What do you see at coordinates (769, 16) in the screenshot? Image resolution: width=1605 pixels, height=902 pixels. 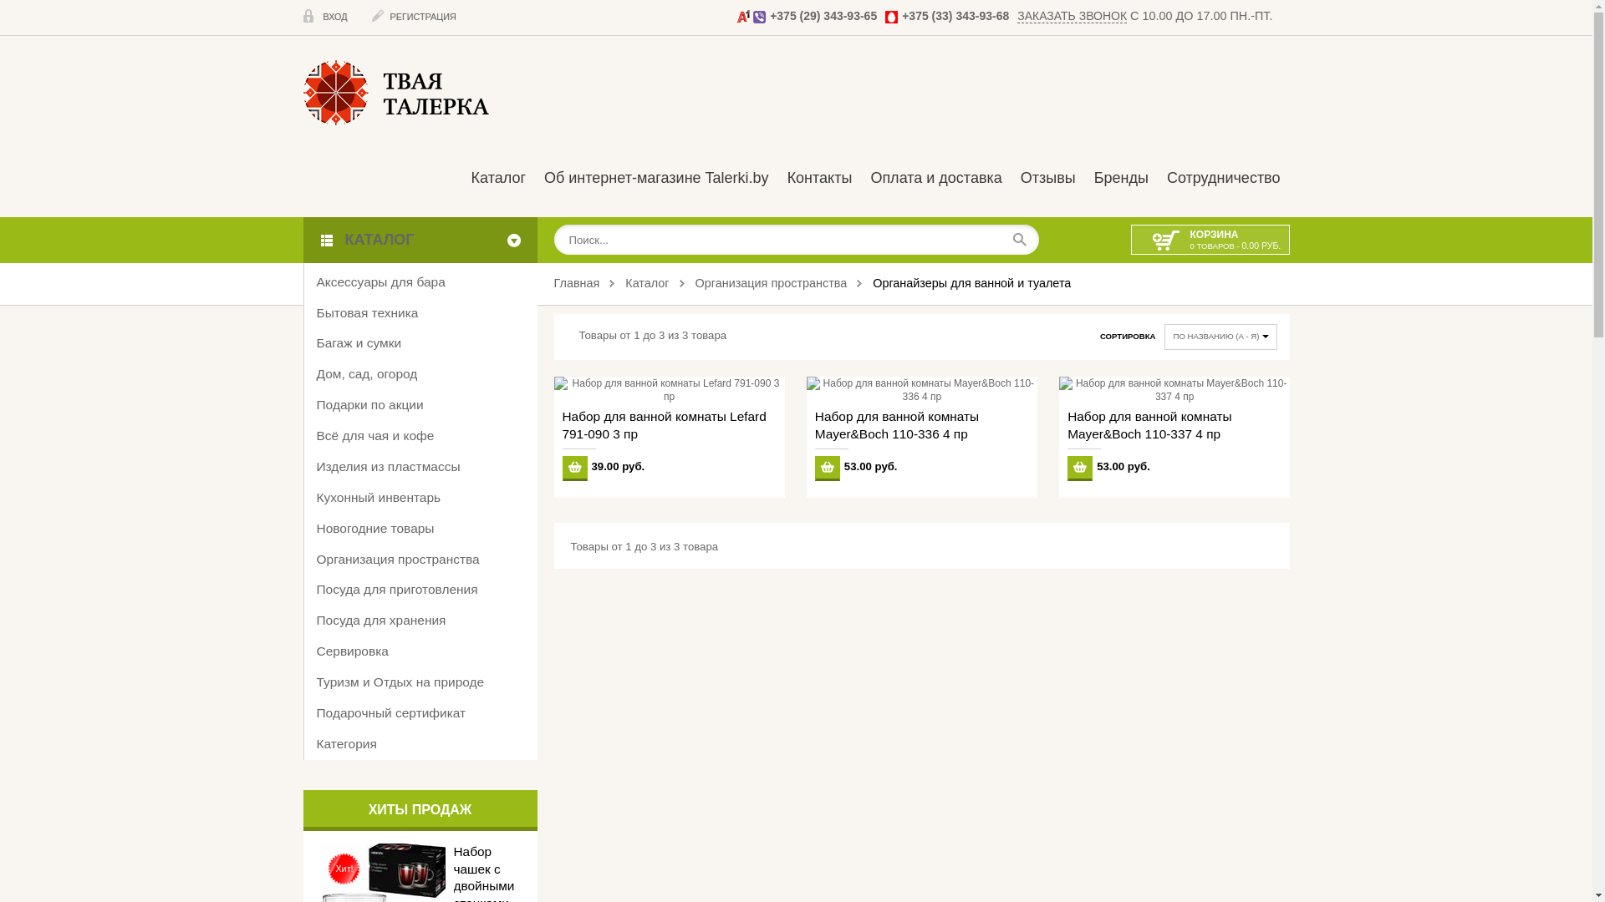 I see `'+375 (29) 343-93-65'` at bounding box center [769, 16].